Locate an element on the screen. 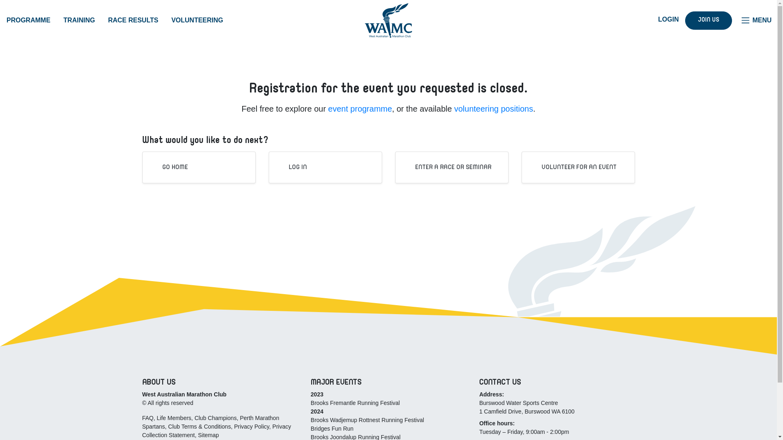 This screenshot has width=783, height=440. 'Bridges Fun Run' is located at coordinates (332, 428).